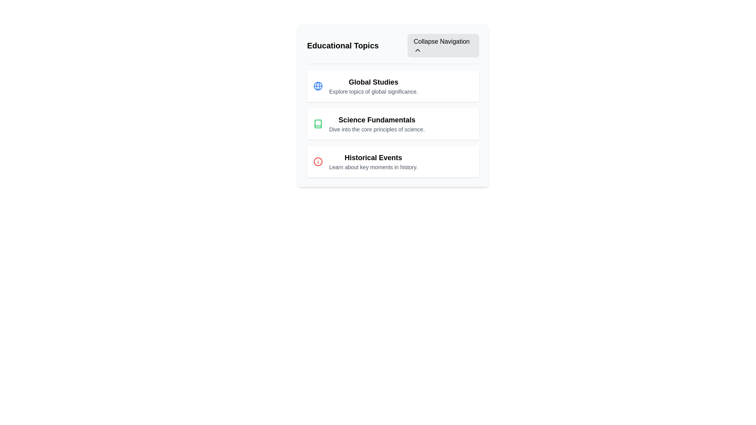 The height and width of the screenshot is (425, 756). Describe the element at coordinates (393, 86) in the screenshot. I see `the 'Global Studies' informational card located at the top of the 'Educational Topics' section` at that location.